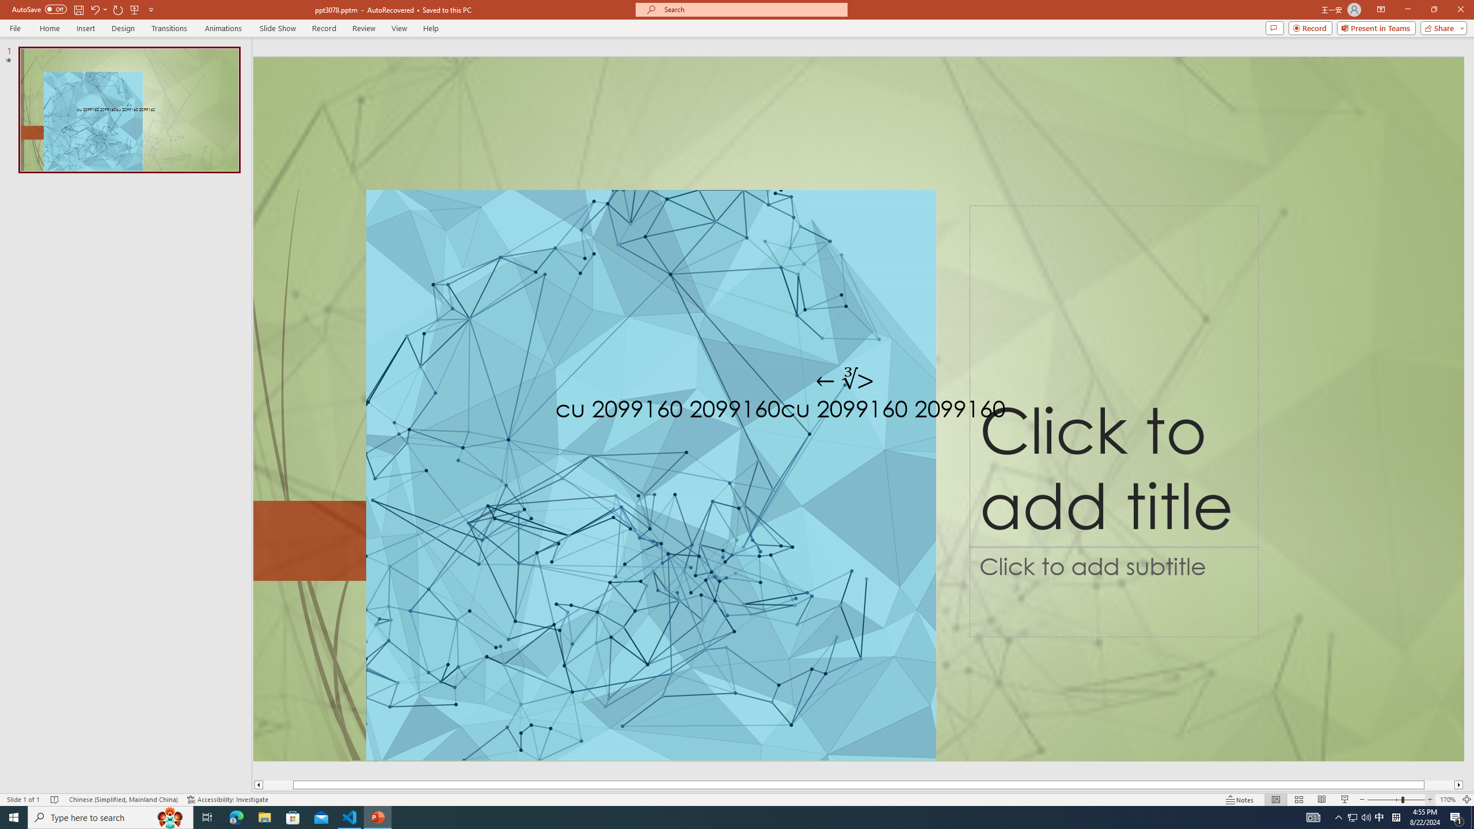 Image resolution: width=1474 pixels, height=829 pixels. What do you see at coordinates (150, 9) in the screenshot?
I see `'Customize Quick Access Toolbar'` at bounding box center [150, 9].